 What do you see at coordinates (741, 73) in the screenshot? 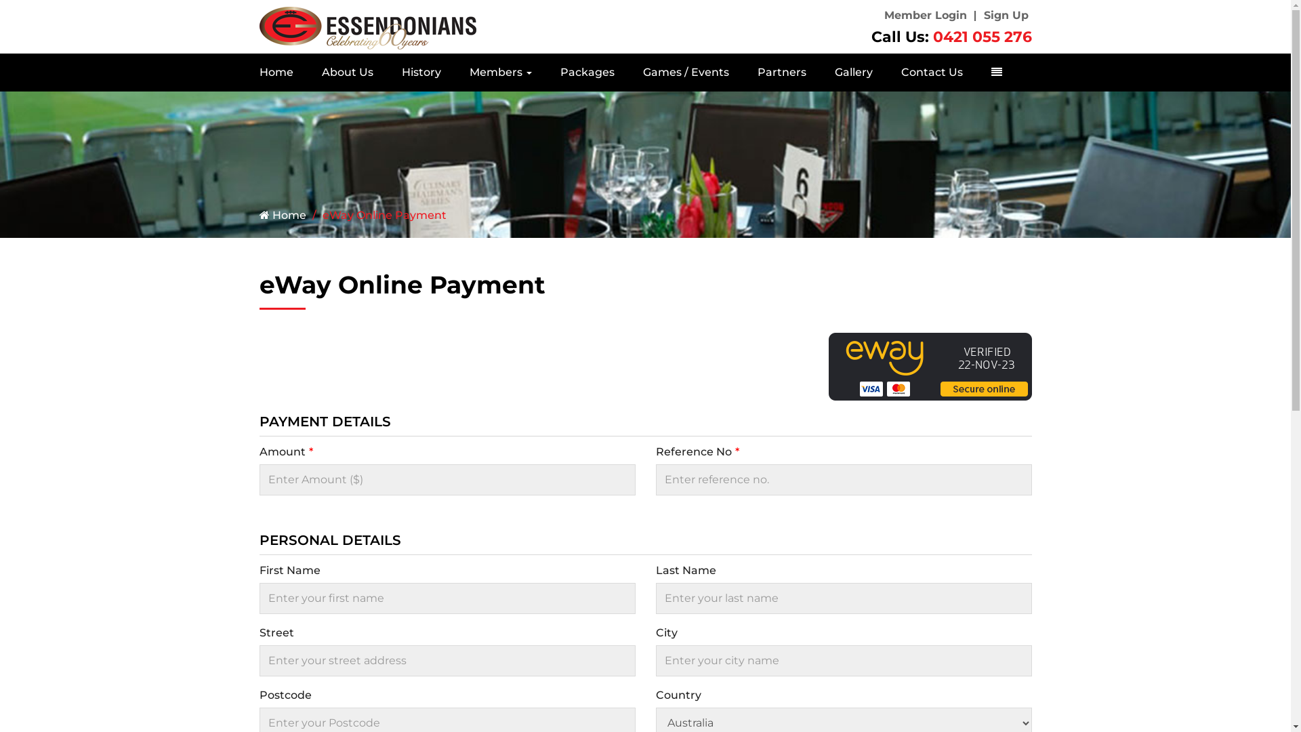
I see `'Partners'` at bounding box center [741, 73].